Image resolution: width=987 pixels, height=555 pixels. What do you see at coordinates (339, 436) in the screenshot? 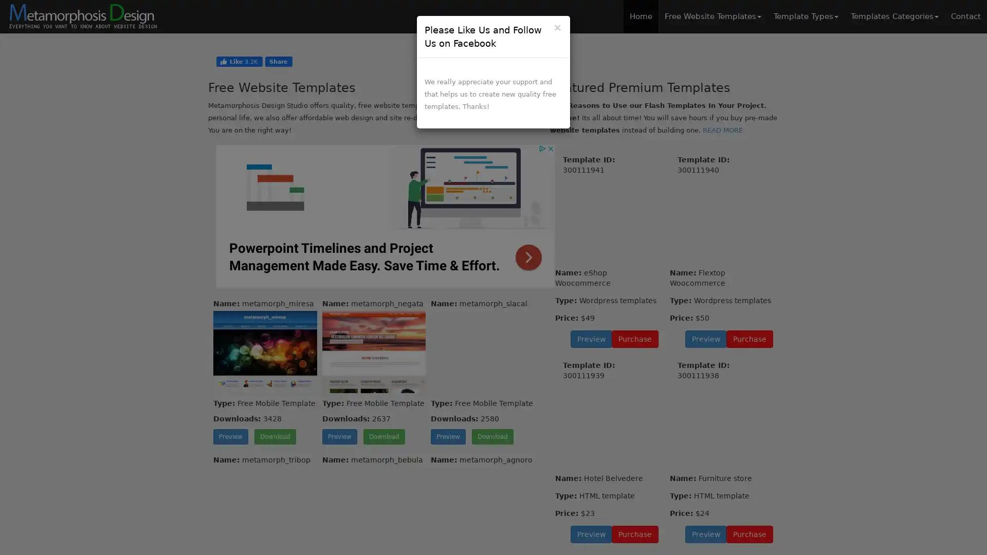
I see `Preview` at bounding box center [339, 436].